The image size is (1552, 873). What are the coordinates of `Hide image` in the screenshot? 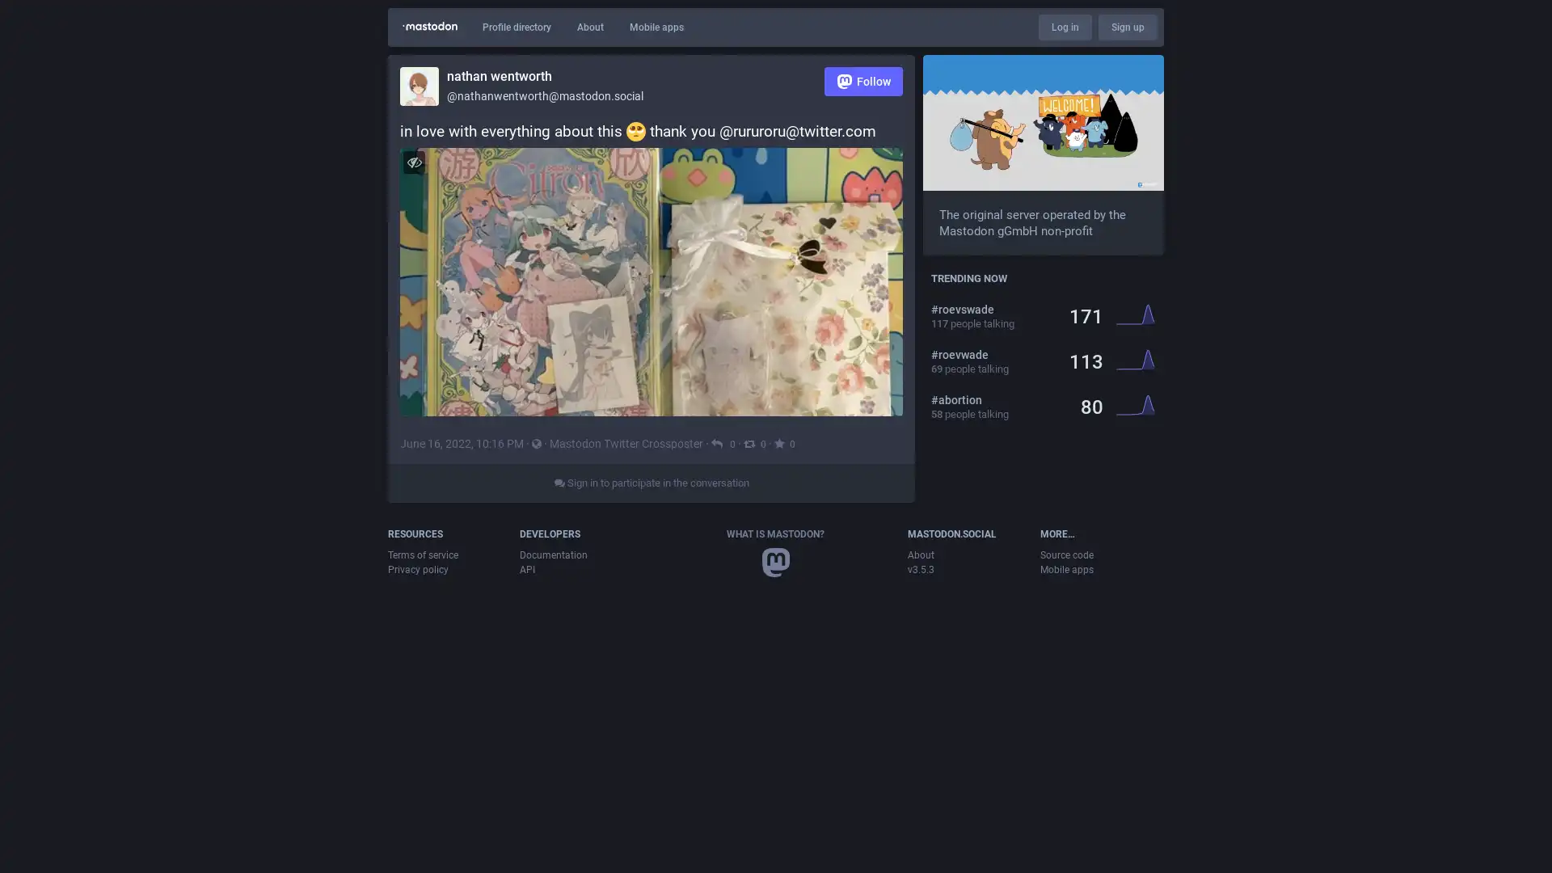 It's located at (414, 162).